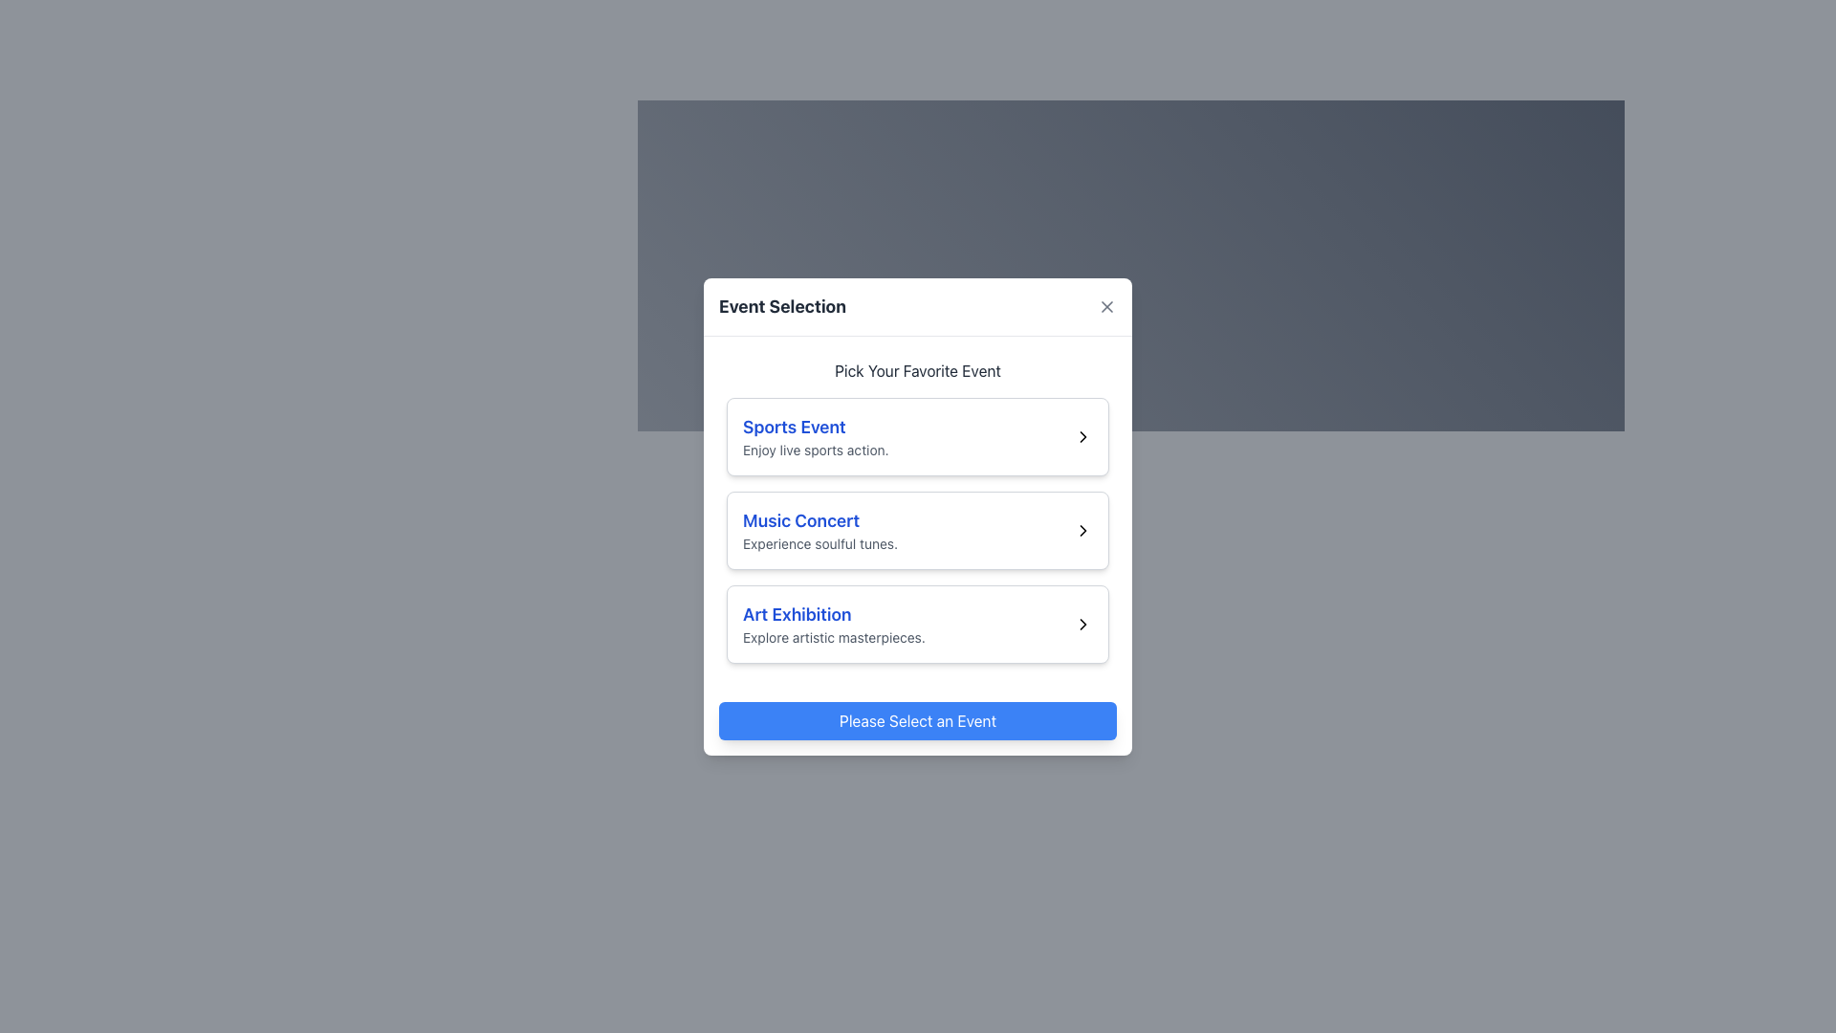 Image resolution: width=1836 pixels, height=1033 pixels. What do you see at coordinates (782, 305) in the screenshot?
I see `the header text label that provides context for selecting an event in the popup, located on the left side of the header section` at bounding box center [782, 305].